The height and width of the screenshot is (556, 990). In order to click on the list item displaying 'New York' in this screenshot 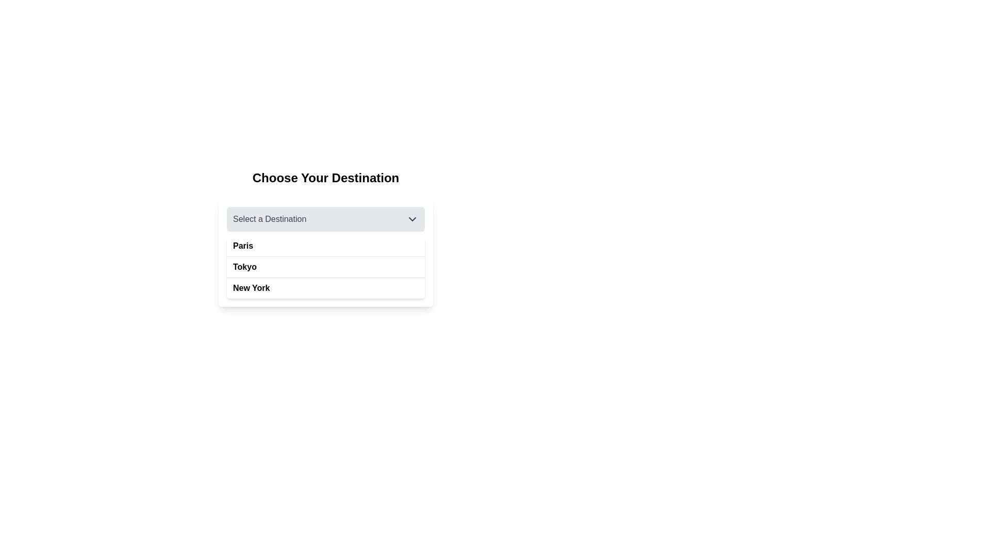, I will do `click(251, 288)`.